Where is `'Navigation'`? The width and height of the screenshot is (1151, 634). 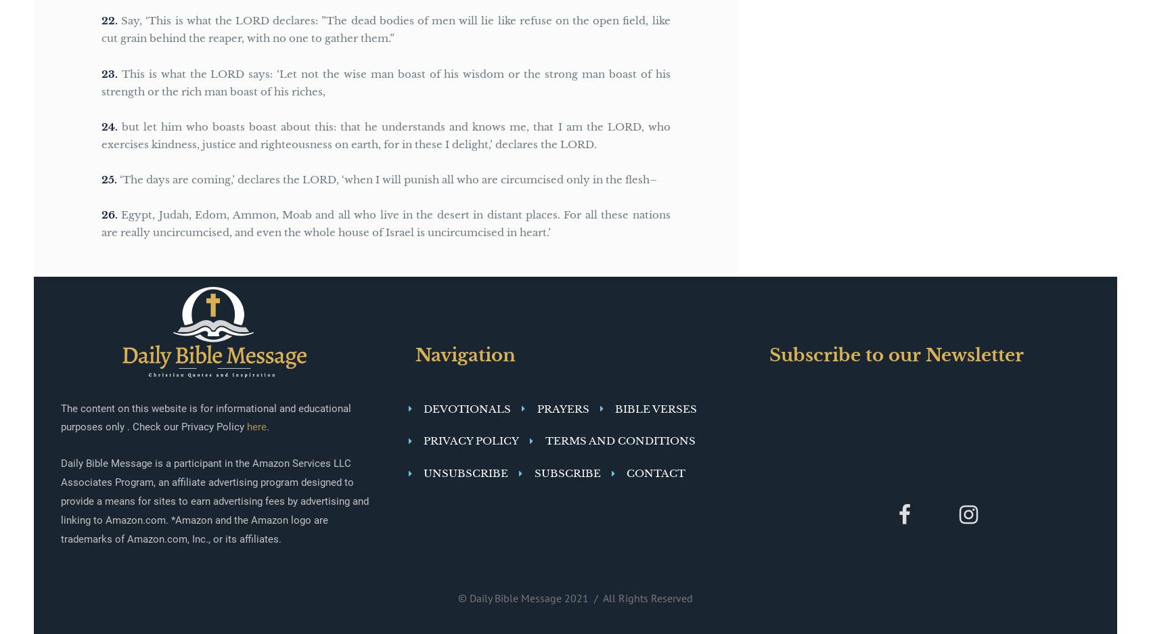 'Navigation' is located at coordinates (414, 353).